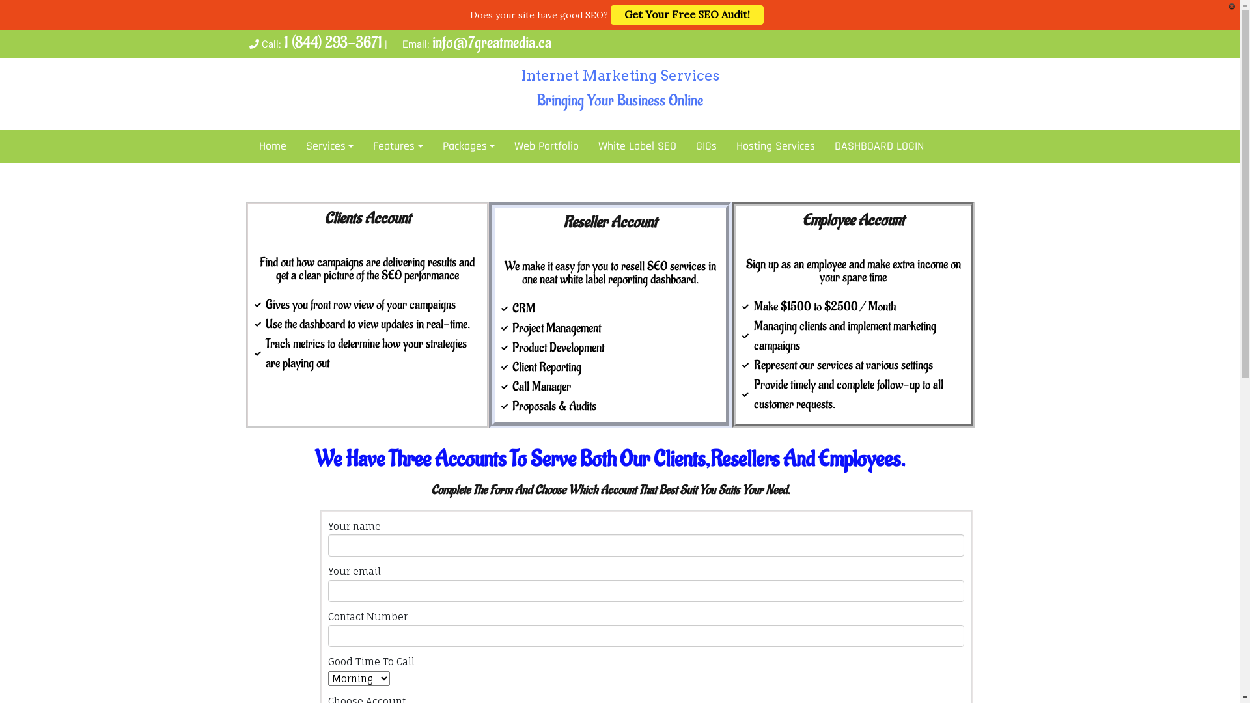 Image resolution: width=1250 pixels, height=703 pixels. I want to click on 'Internet Marketing Services, so click(618, 89).